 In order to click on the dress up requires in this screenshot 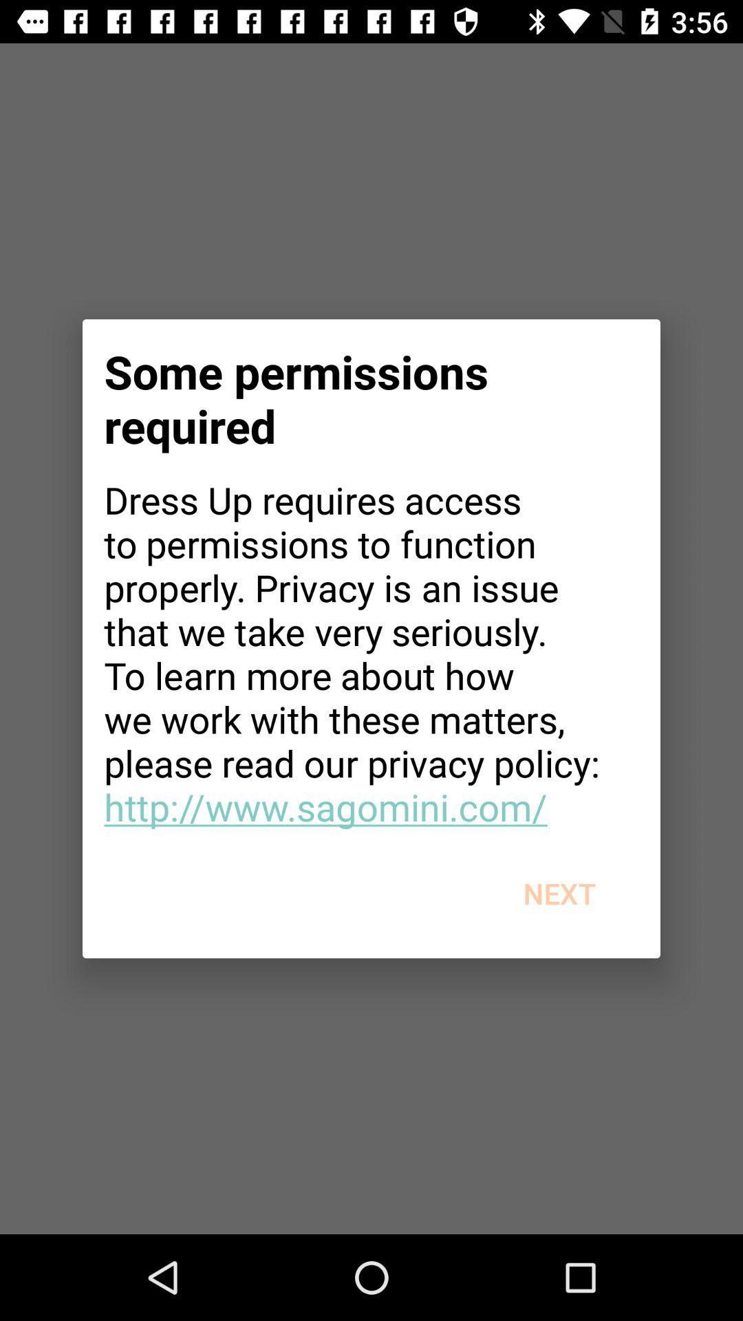, I will do `click(371, 652)`.